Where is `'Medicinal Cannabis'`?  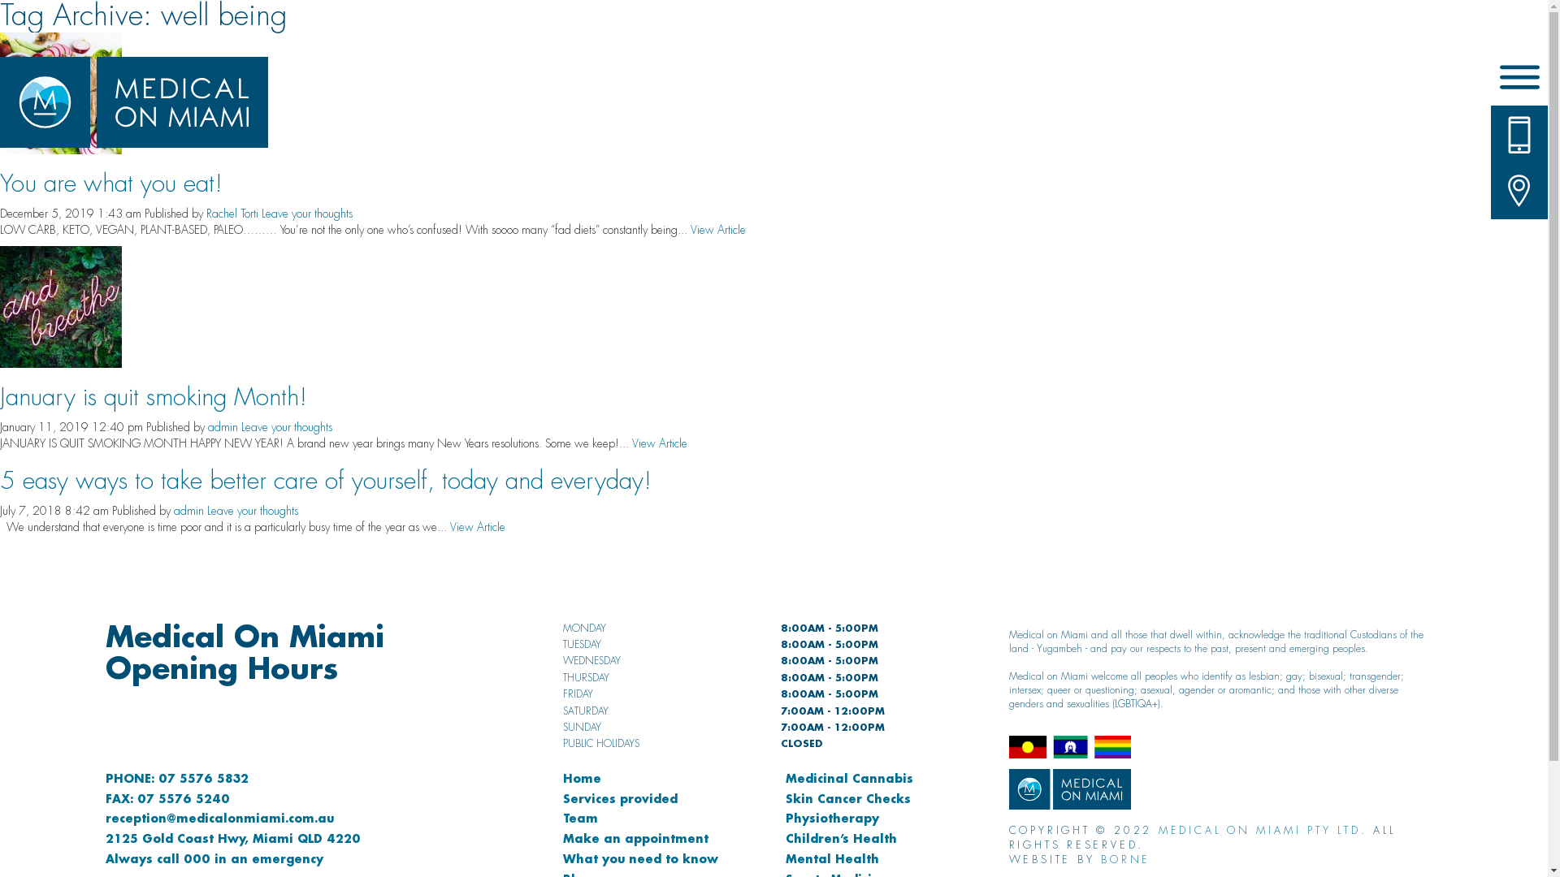 'Medicinal Cannabis' is located at coordinates (785, 777).